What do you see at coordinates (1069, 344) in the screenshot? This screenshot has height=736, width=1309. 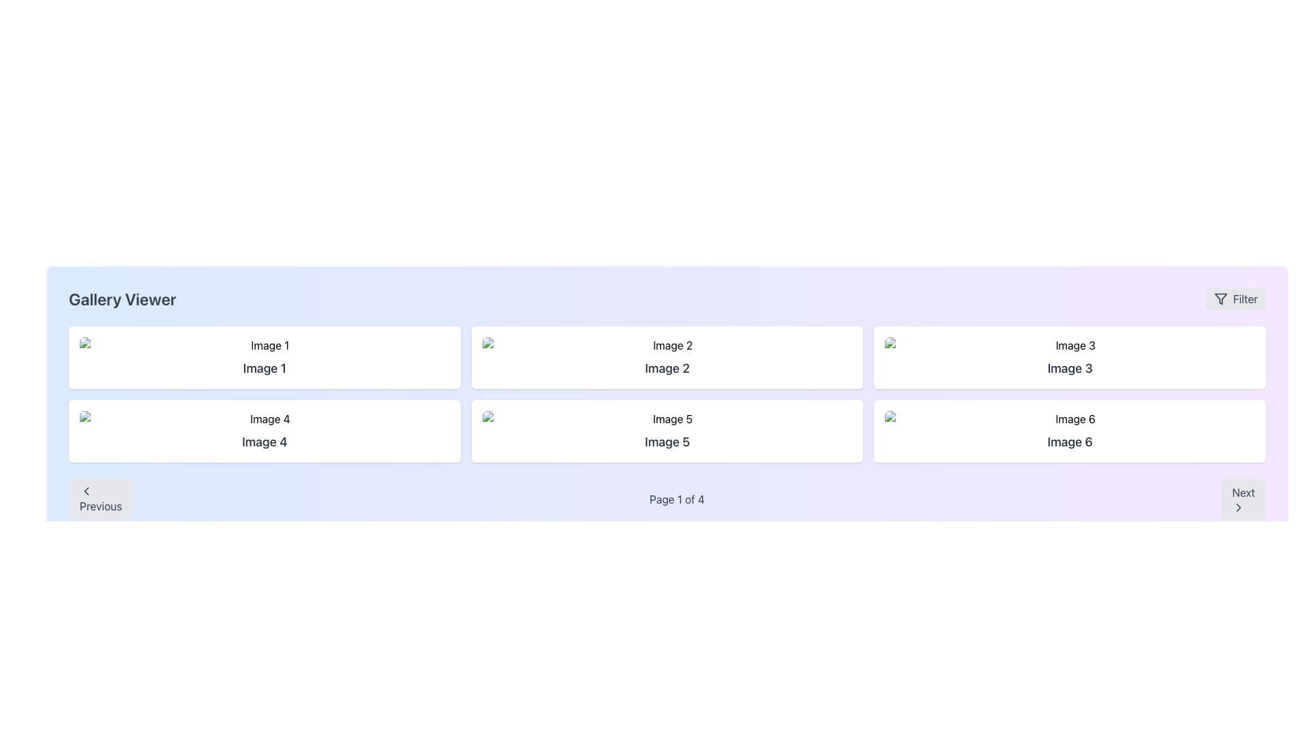 I see `the image with the placeholder source displaying 'Image 3' located in the third card of the second row` at bounding box center [1069, 344].